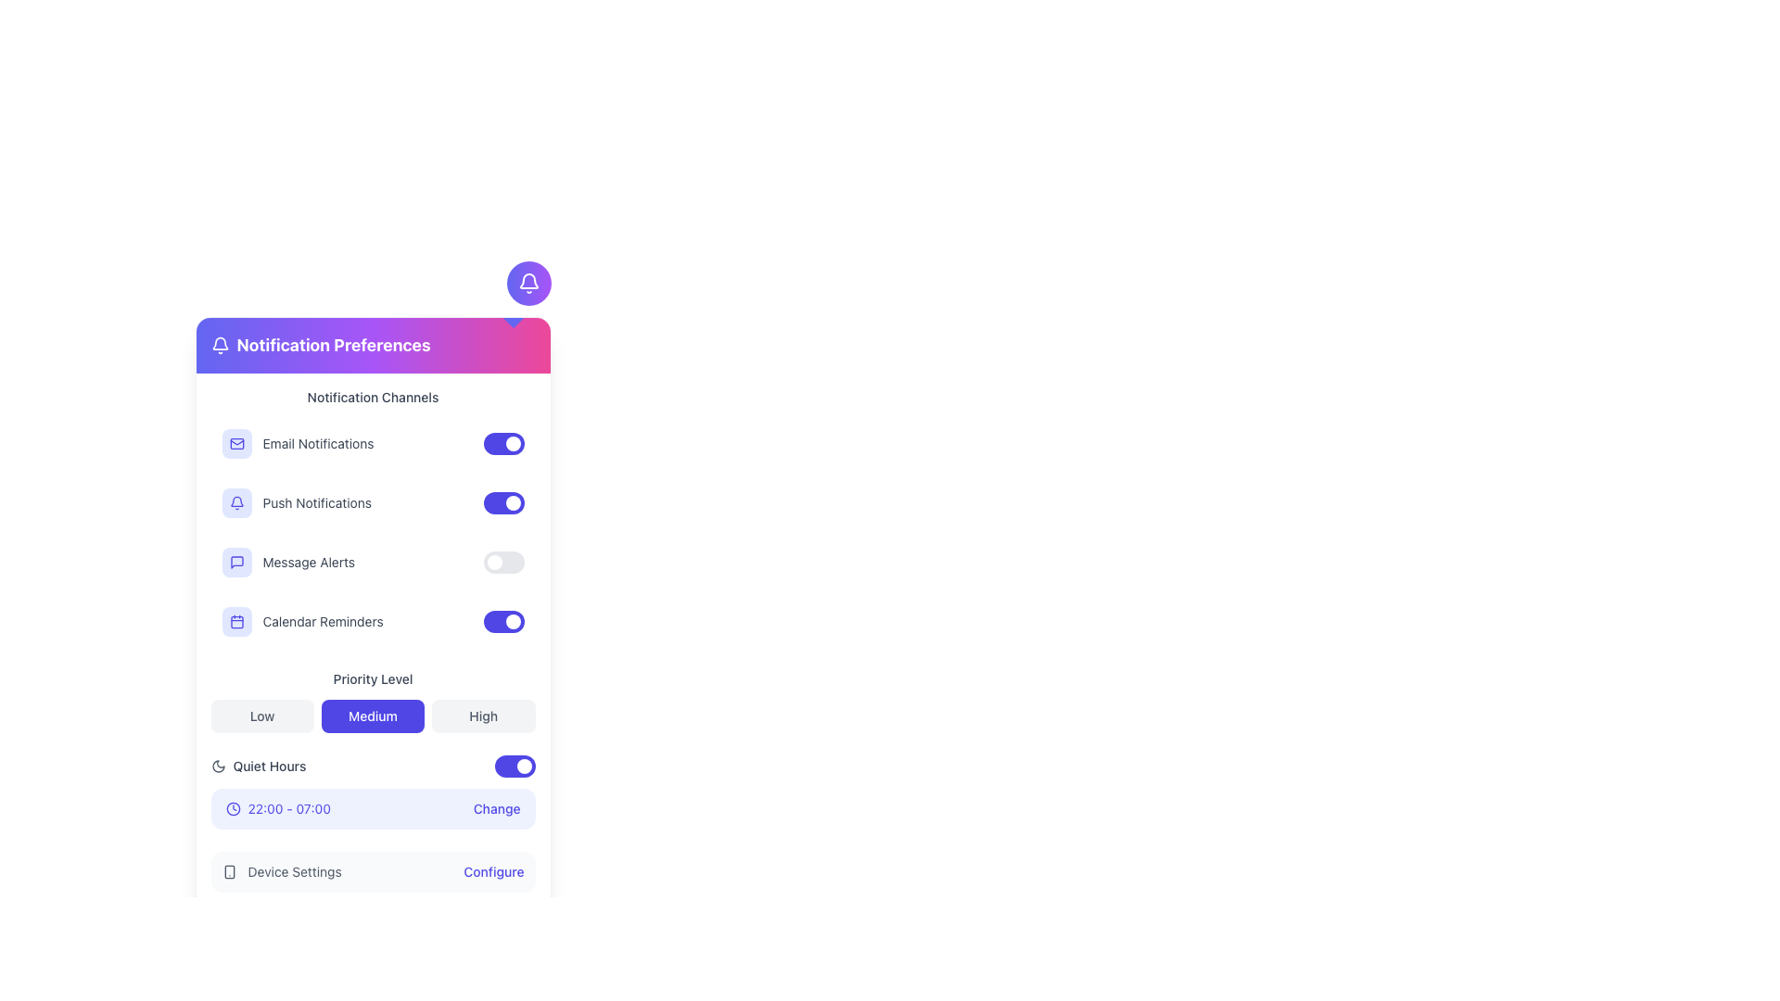  I want to click on the circular knob of the toggle switch for enabling or disabling push notifications located on the right side of the 'Push Notifications' row, so click(503, 503).